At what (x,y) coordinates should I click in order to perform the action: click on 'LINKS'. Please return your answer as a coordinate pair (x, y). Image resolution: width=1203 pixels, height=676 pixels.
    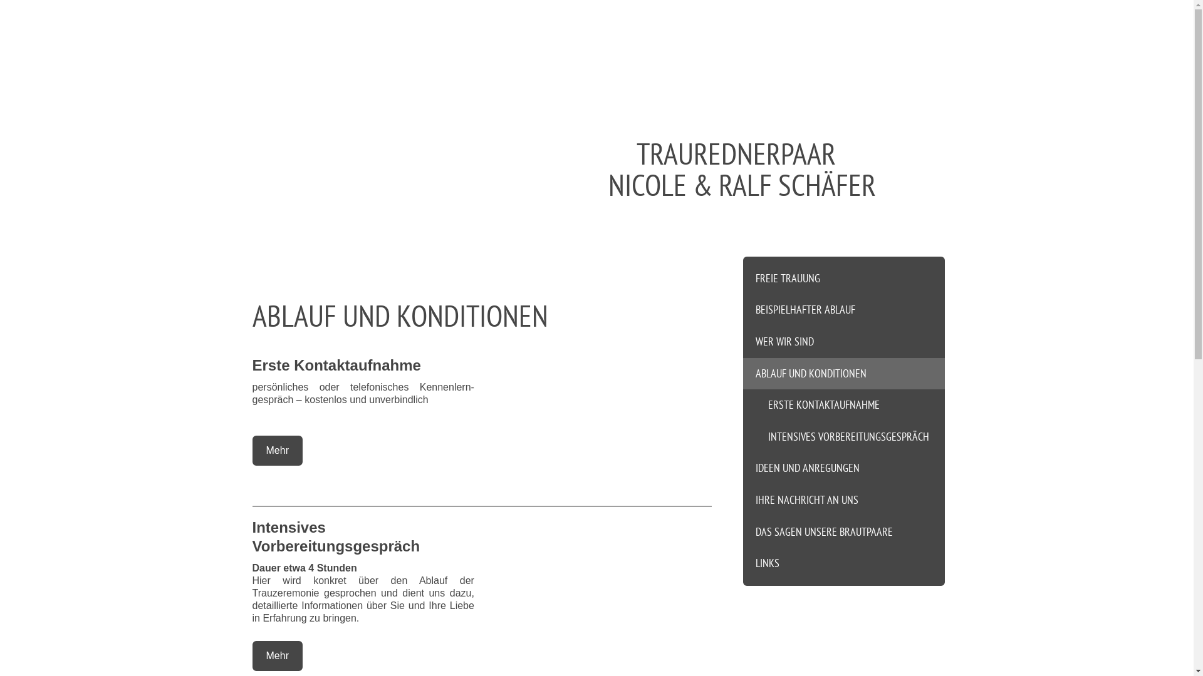
    Looking at the image, I should click on (844, 566).